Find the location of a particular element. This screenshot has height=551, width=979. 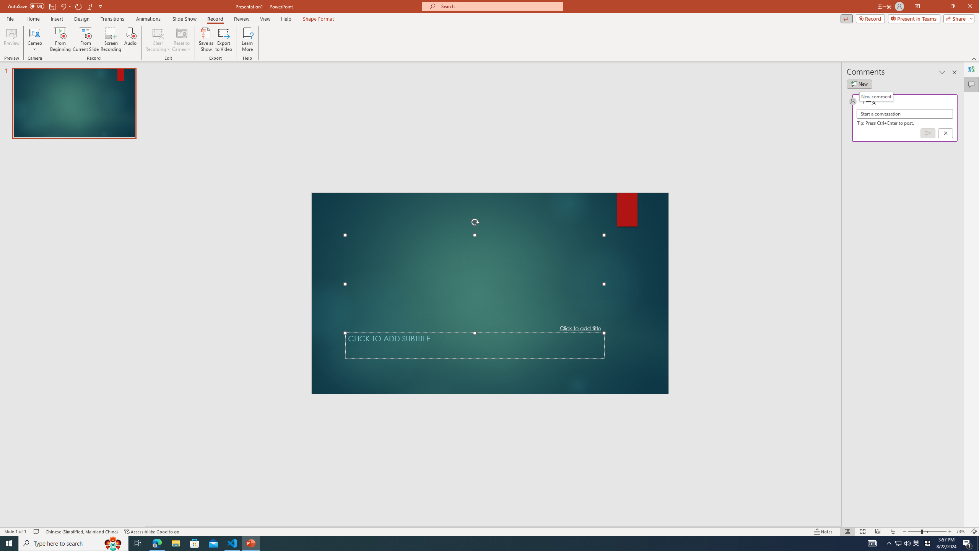

'New comment' is located at coordinates (876, 96).